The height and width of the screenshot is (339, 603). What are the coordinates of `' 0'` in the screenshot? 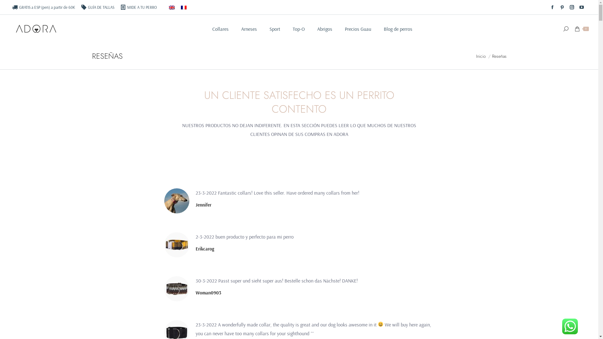 It's located at (581, 29).